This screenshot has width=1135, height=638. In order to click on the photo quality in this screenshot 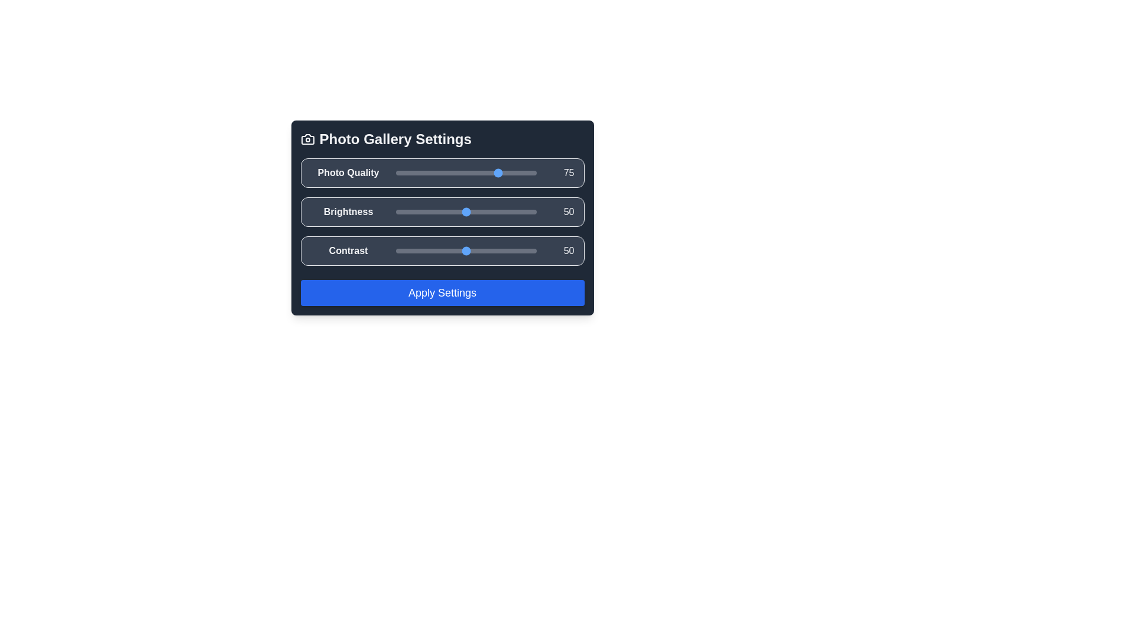, I will do `click(466, 173)`.